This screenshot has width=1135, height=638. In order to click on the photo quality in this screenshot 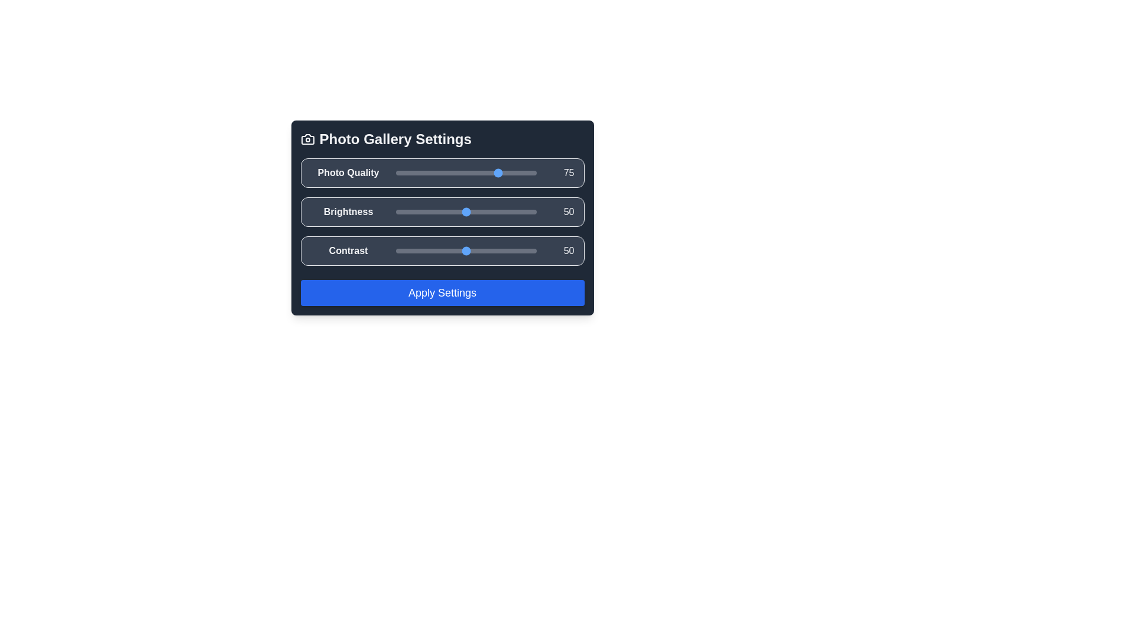, I will do `click(466, 173)`.